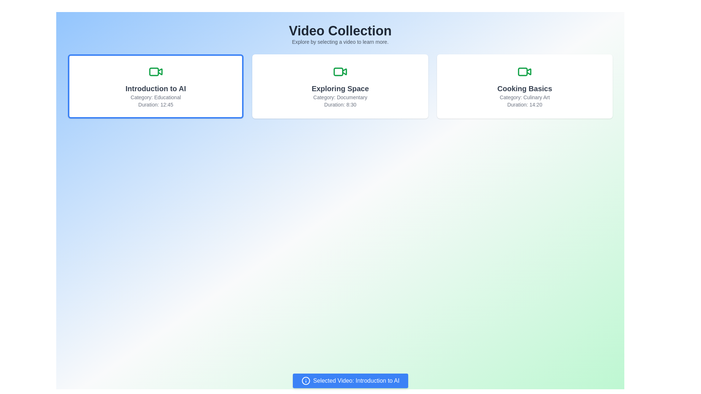 This screenshot has width=701, height=394. Describe the element at coordinates (340, 104) in the screenshot. I see `the static text label indicating the duration of the video in the 'Exploring Space' card, positioned at the bottom after 'Category: Documentary'` at that location.